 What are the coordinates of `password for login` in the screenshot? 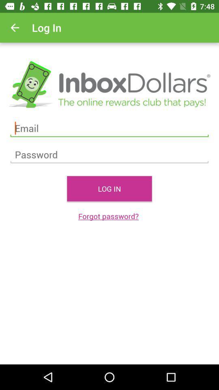 It's located at (109, 154).